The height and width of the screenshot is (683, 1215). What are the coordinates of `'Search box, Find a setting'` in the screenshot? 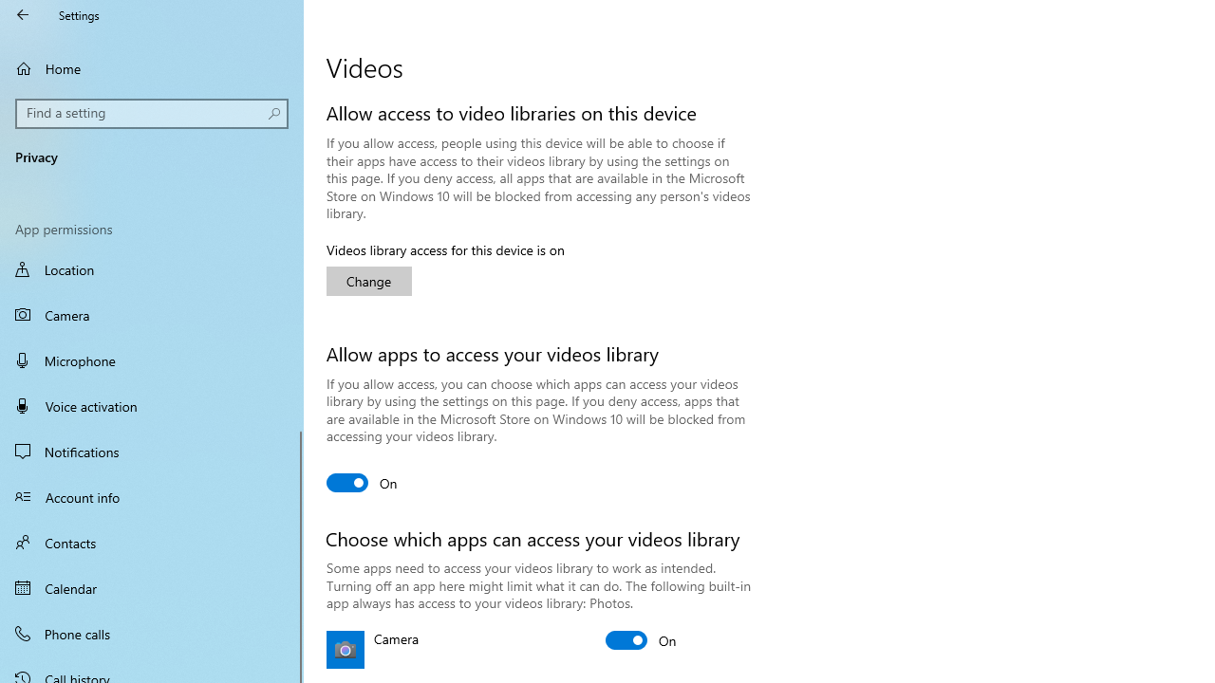 It's located at (152, 113).